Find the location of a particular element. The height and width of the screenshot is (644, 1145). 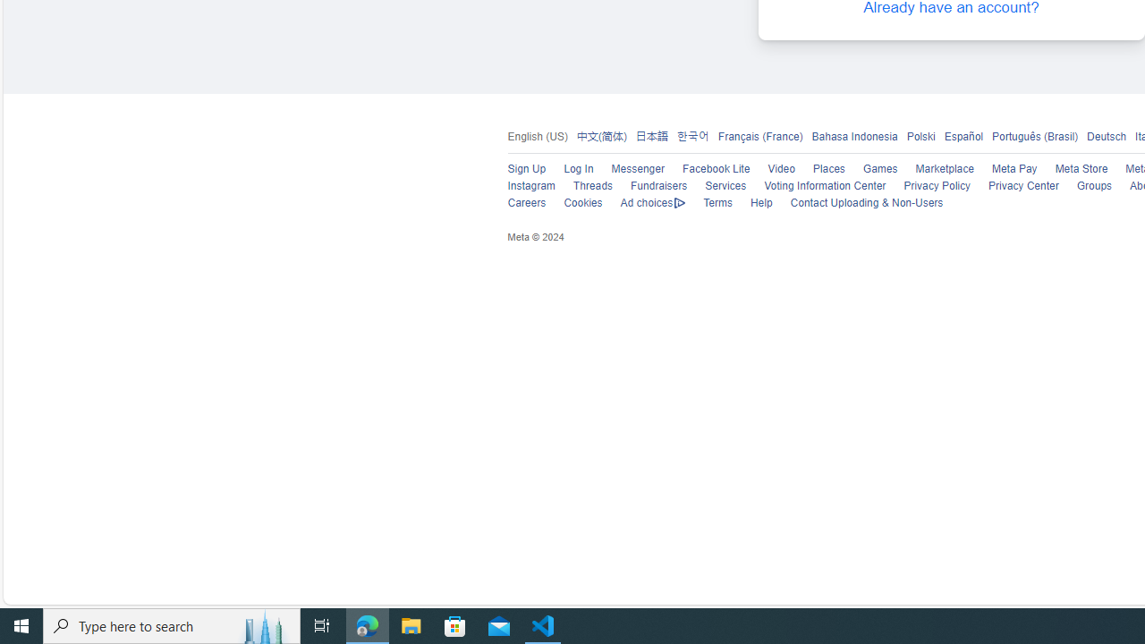

'Video' is located at coordinates (773, 170).